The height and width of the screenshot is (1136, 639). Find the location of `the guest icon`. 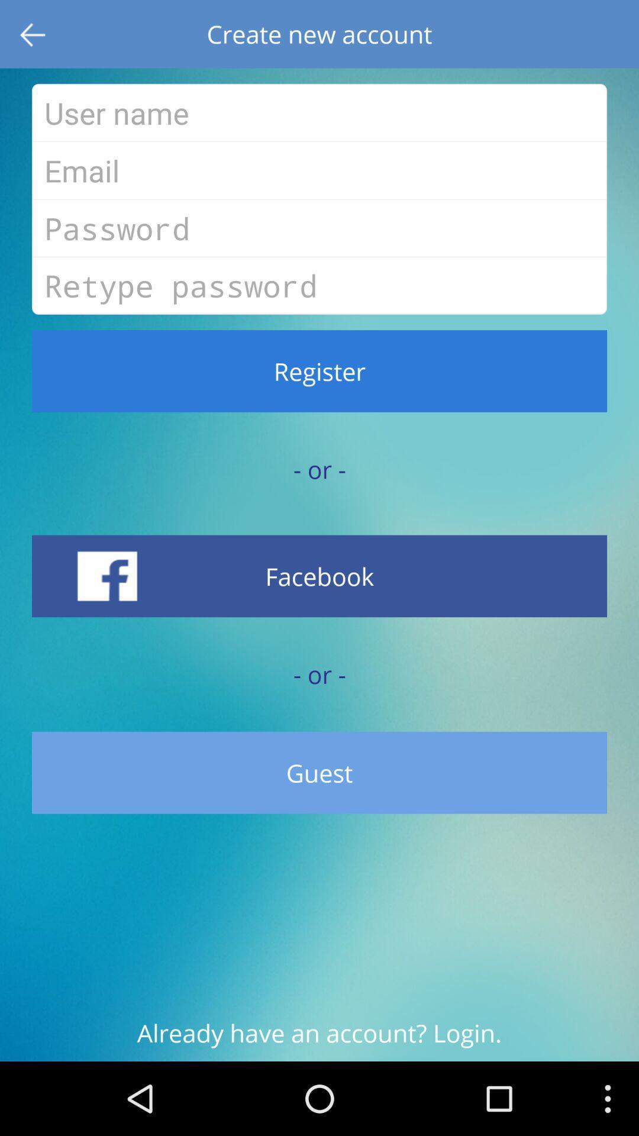

the guest icon is located at coordinates (319, 773).